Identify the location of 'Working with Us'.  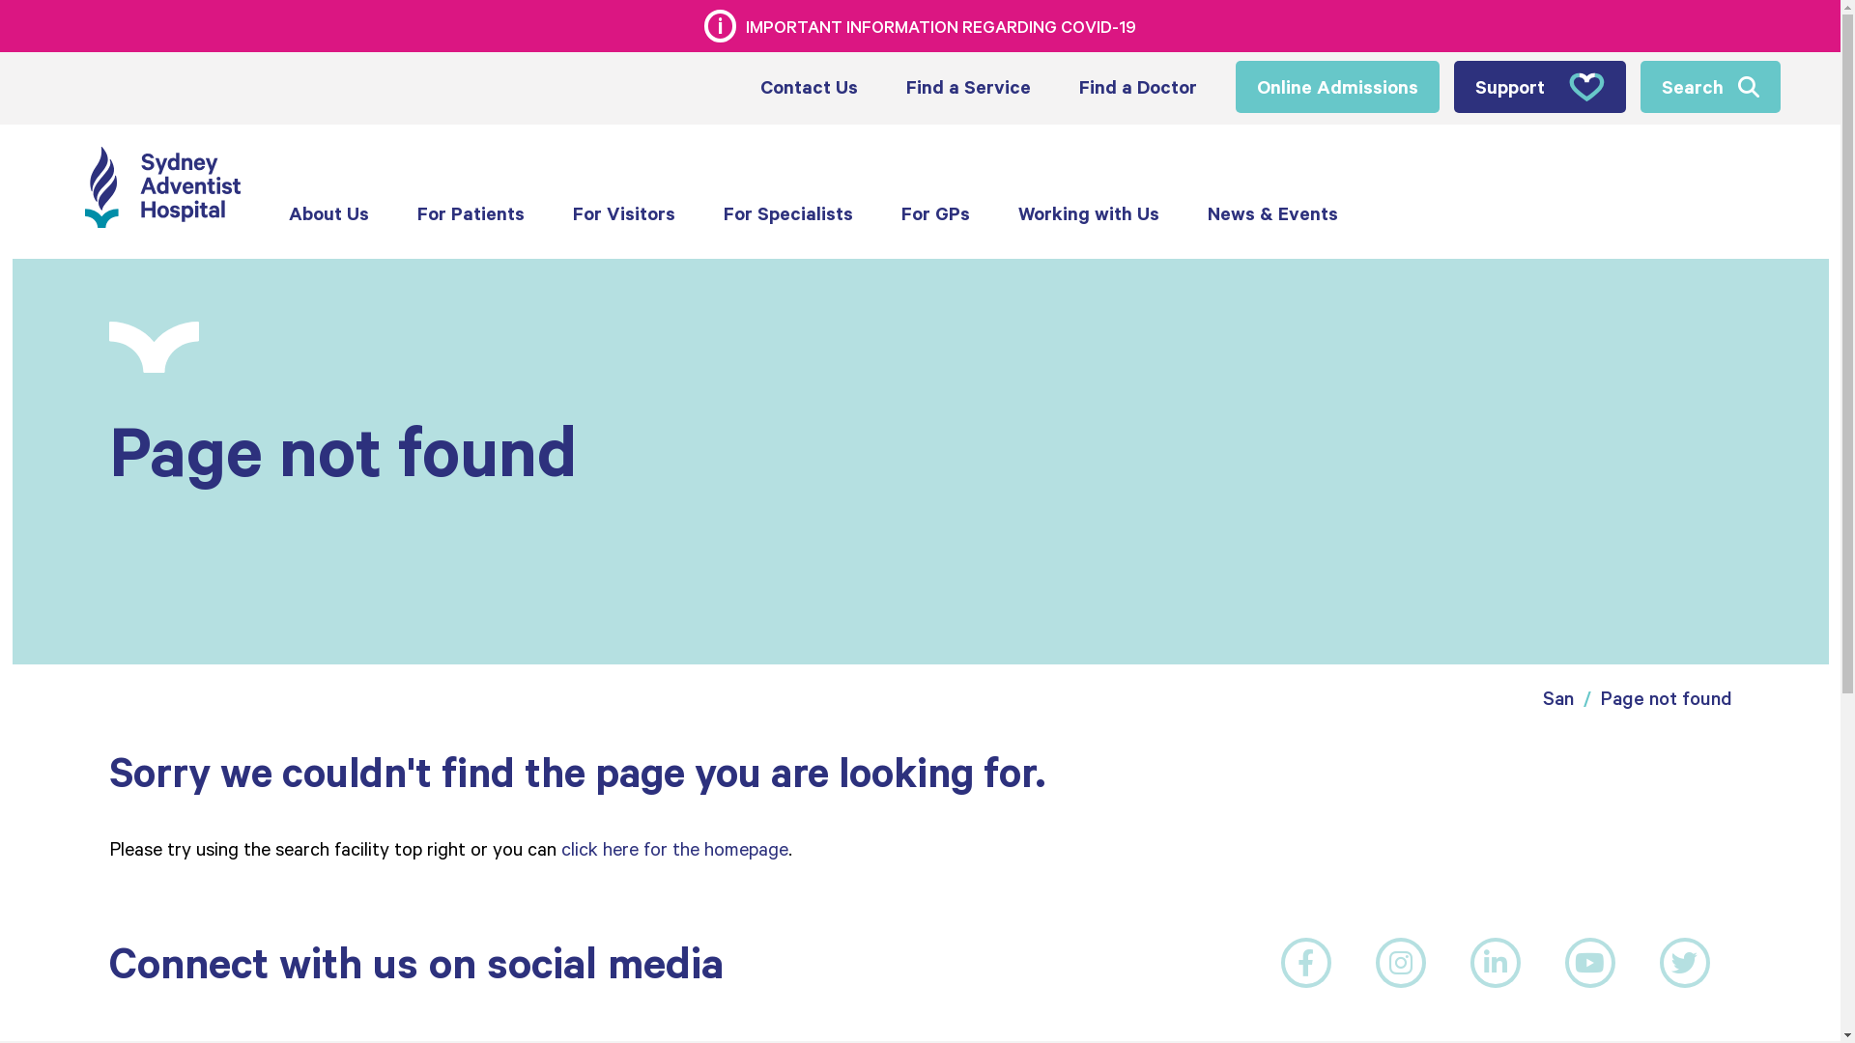
(1089, 213).